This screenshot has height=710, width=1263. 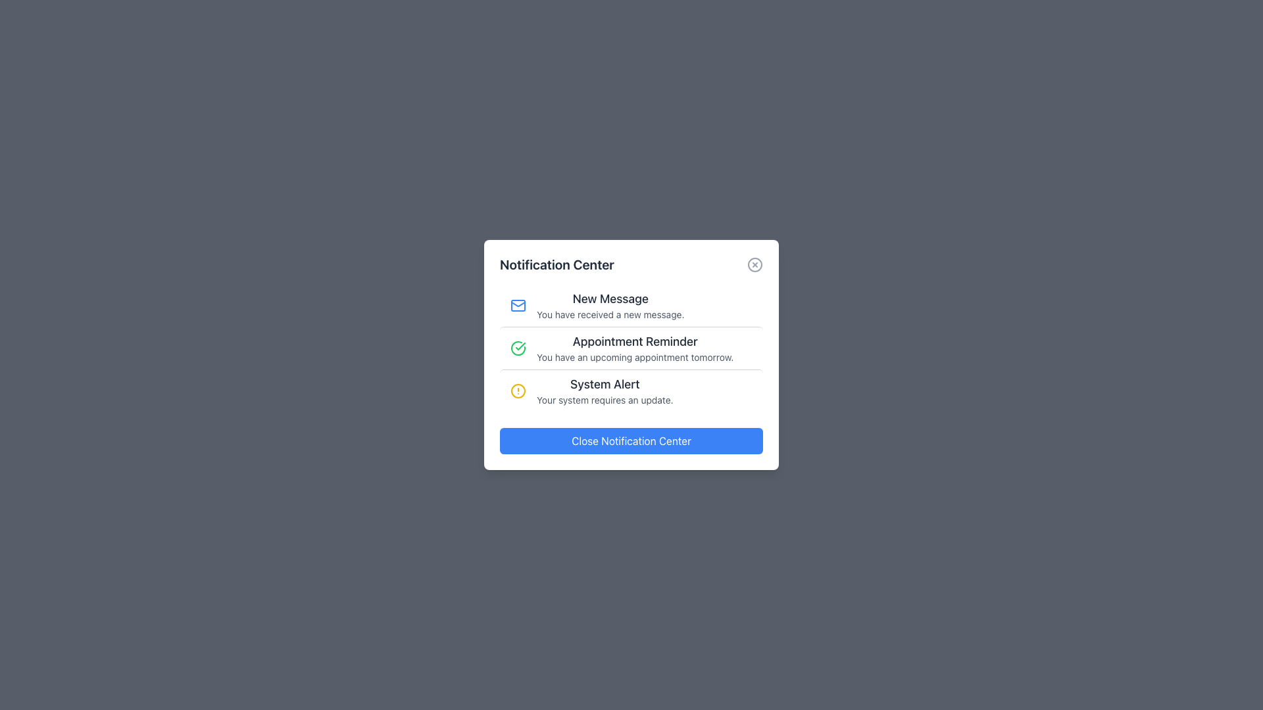 What do you see at coordinates (604, 400) in the screenshot?
I see `descriptive text label providing additional information about the 'System Alert' notification, which is located below the header text 'System Alert' in the third notification entry` at bounding box center [604, 400].